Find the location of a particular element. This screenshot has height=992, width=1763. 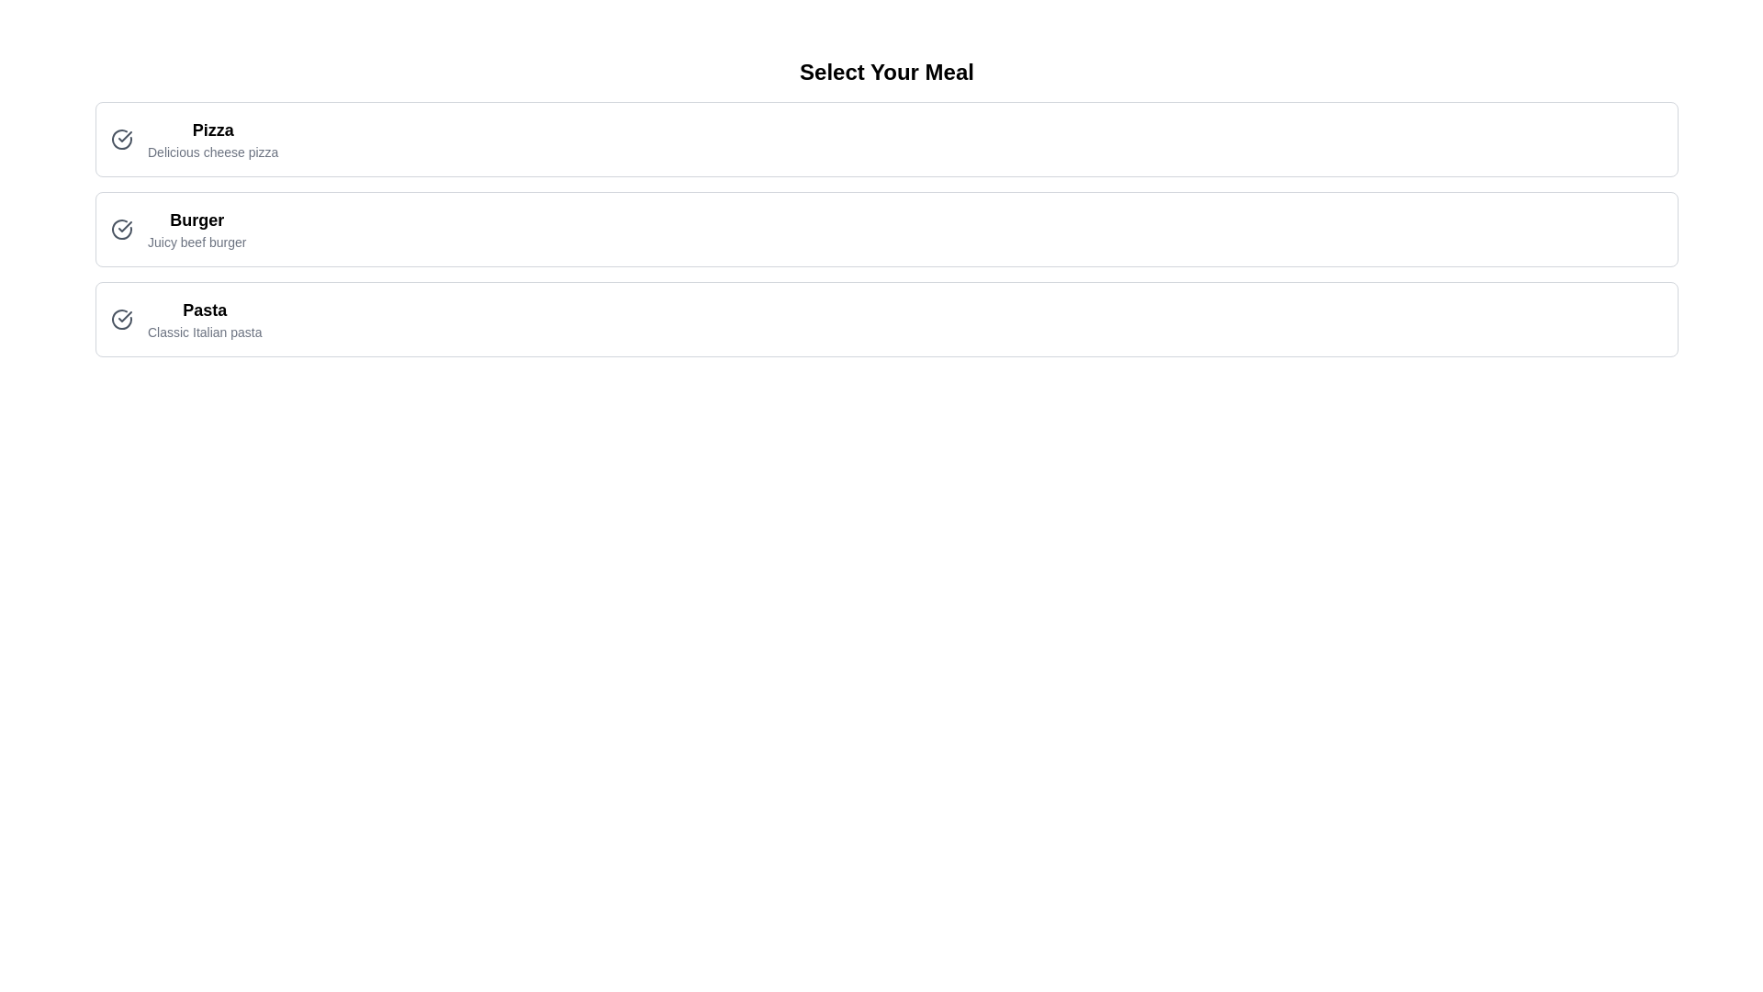

the text block displaying the menu item 'Pasta' with the description 'Classic Italian pasta', which is the last item in the list under the heading 'Select Your Meal' is located at coordinates (205, 318).